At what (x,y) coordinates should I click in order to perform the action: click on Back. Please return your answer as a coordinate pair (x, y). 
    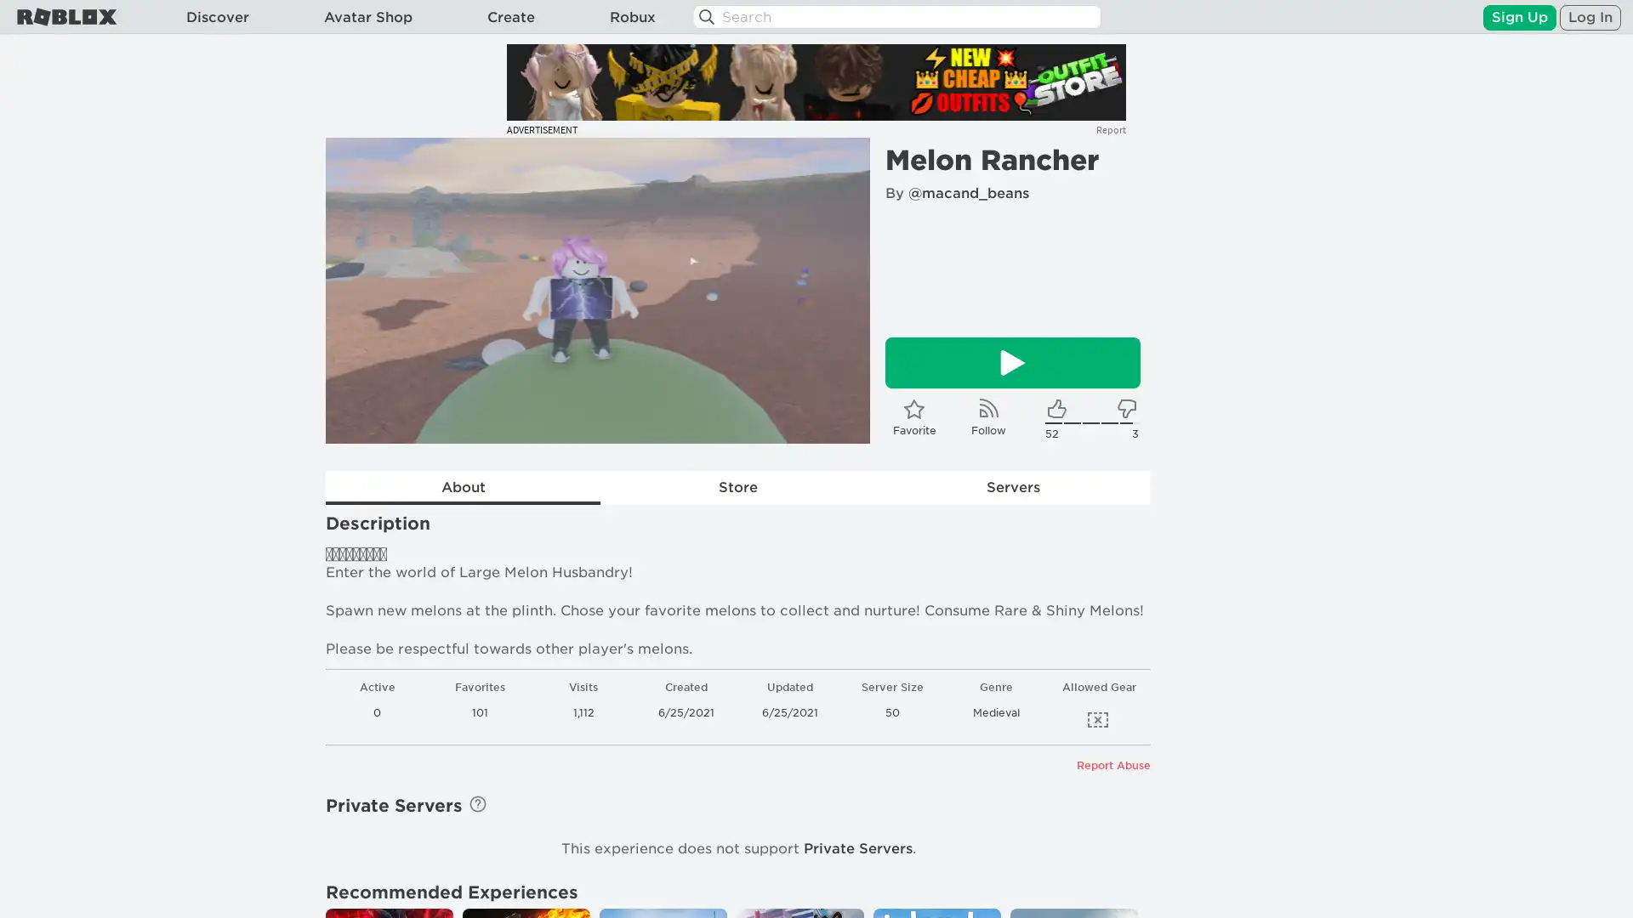
    Looking at the image, I should click on (361, 290).